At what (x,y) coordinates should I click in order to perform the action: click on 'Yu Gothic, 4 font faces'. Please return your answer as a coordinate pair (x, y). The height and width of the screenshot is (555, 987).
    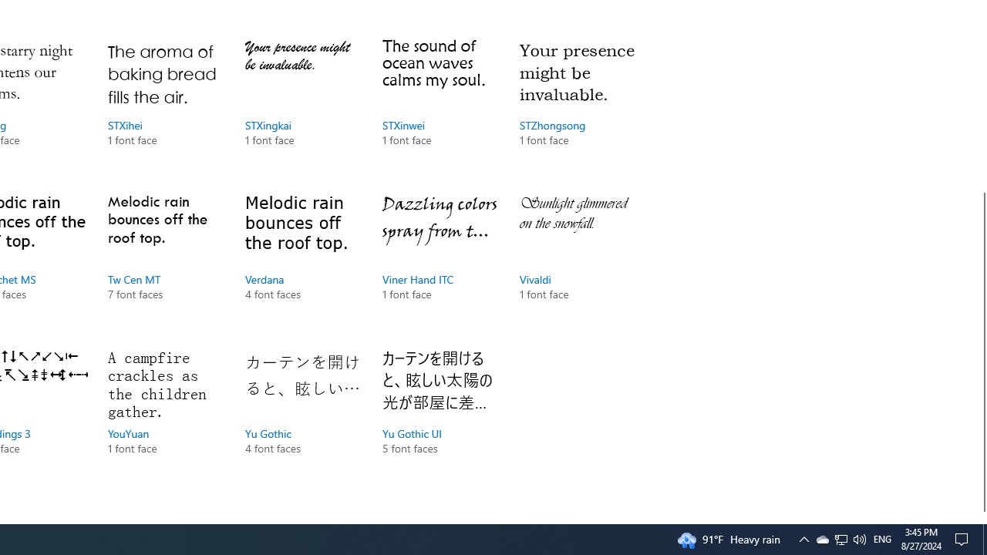
    Looking at the image, I should click on (302, 416).